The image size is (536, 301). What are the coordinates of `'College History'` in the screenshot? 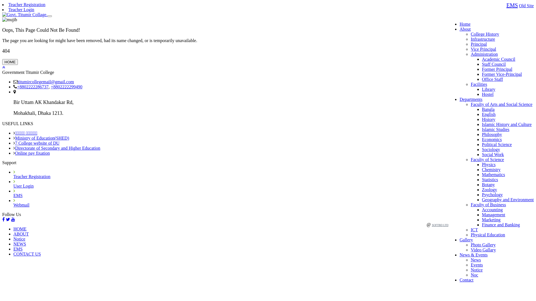 It's located at (485, 34).